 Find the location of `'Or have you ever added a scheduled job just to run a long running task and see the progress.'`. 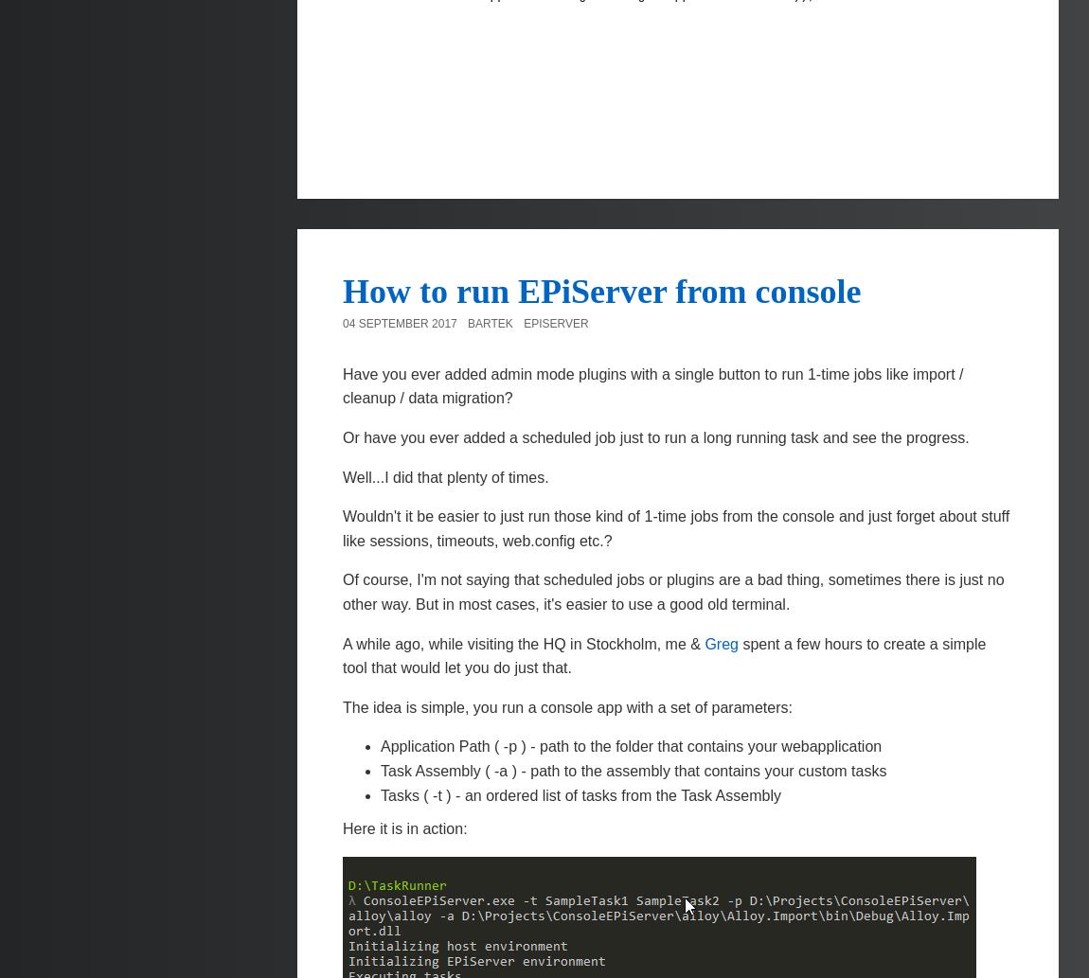

'Or have you ever added a scheduled job just to run a long running task and see the progress.' is located at coordinates (654, 437).